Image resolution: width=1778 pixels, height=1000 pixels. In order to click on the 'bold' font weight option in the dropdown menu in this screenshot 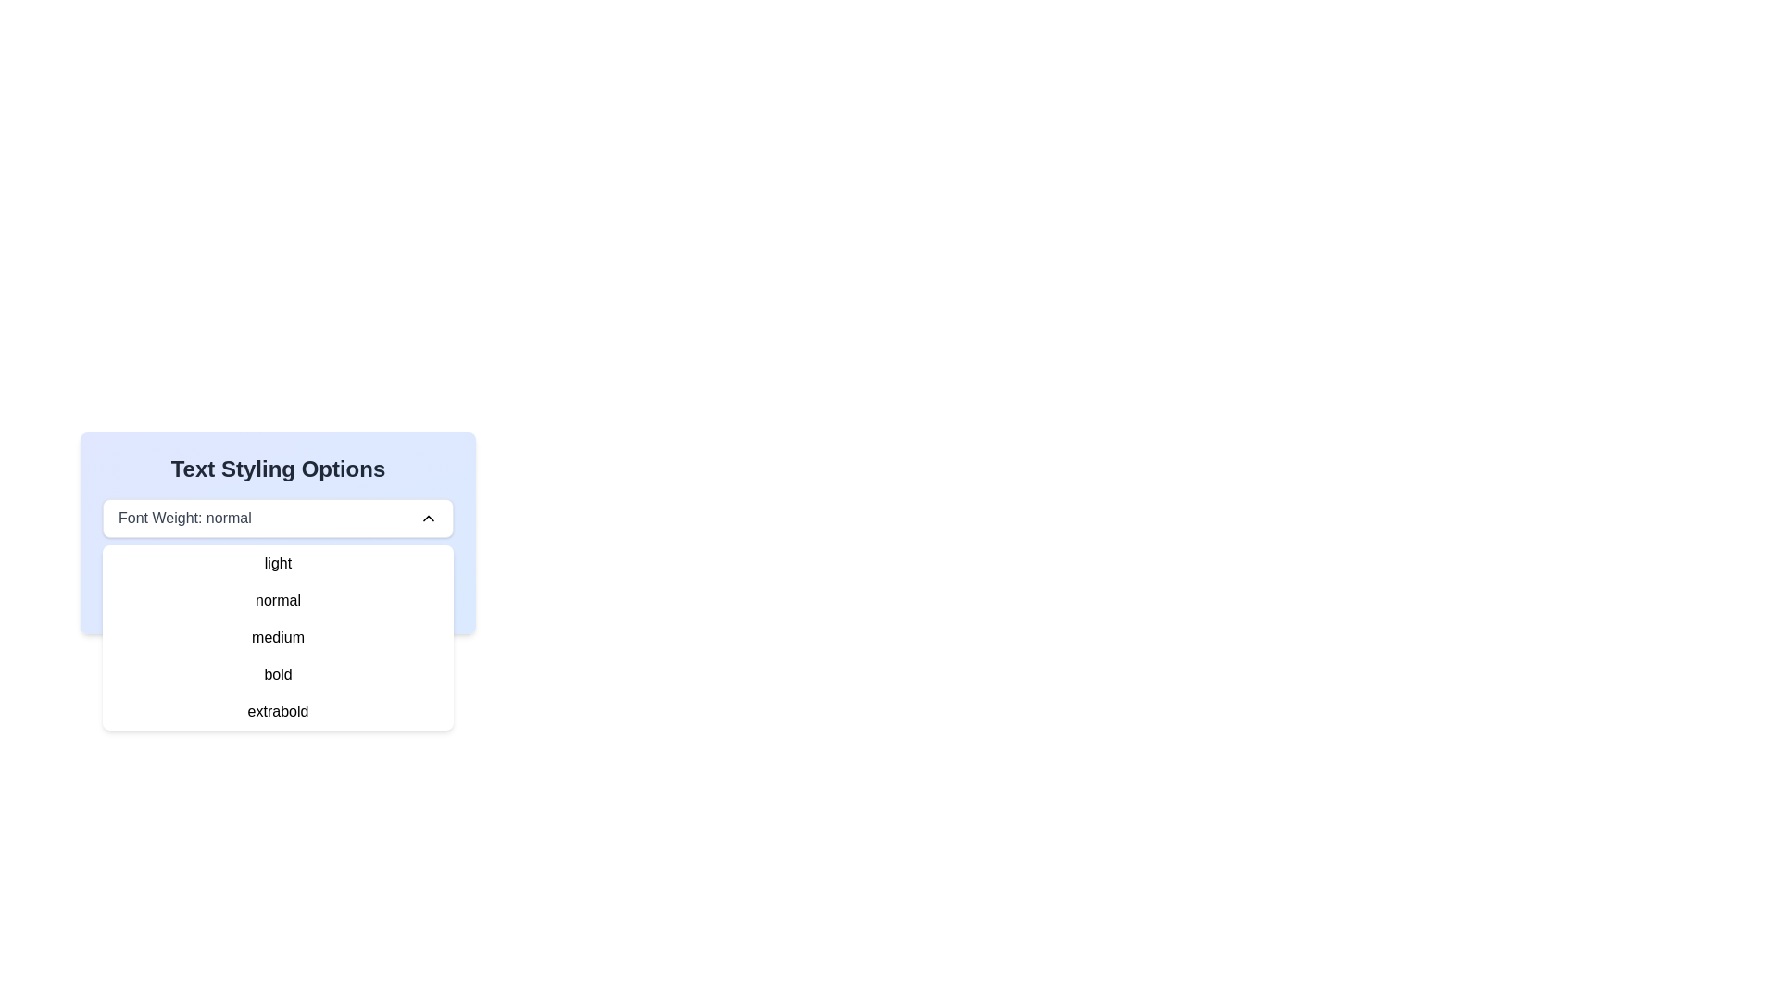, I will do `click(277, 675)`.